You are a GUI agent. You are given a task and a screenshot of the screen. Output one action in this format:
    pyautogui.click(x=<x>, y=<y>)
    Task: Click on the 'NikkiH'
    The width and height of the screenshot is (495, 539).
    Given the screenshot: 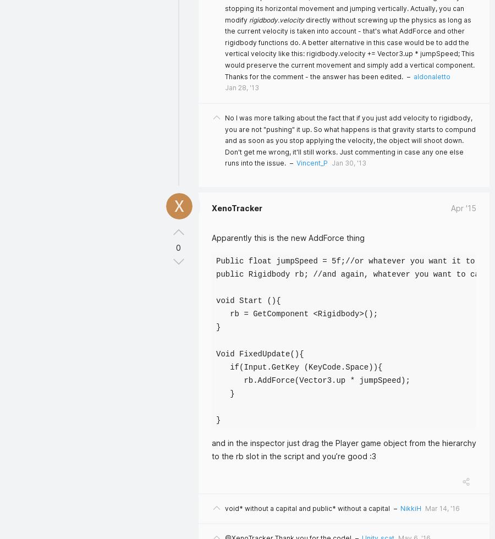 What is the action you would take?
    pyautogui.click(x=400, y=508)
    